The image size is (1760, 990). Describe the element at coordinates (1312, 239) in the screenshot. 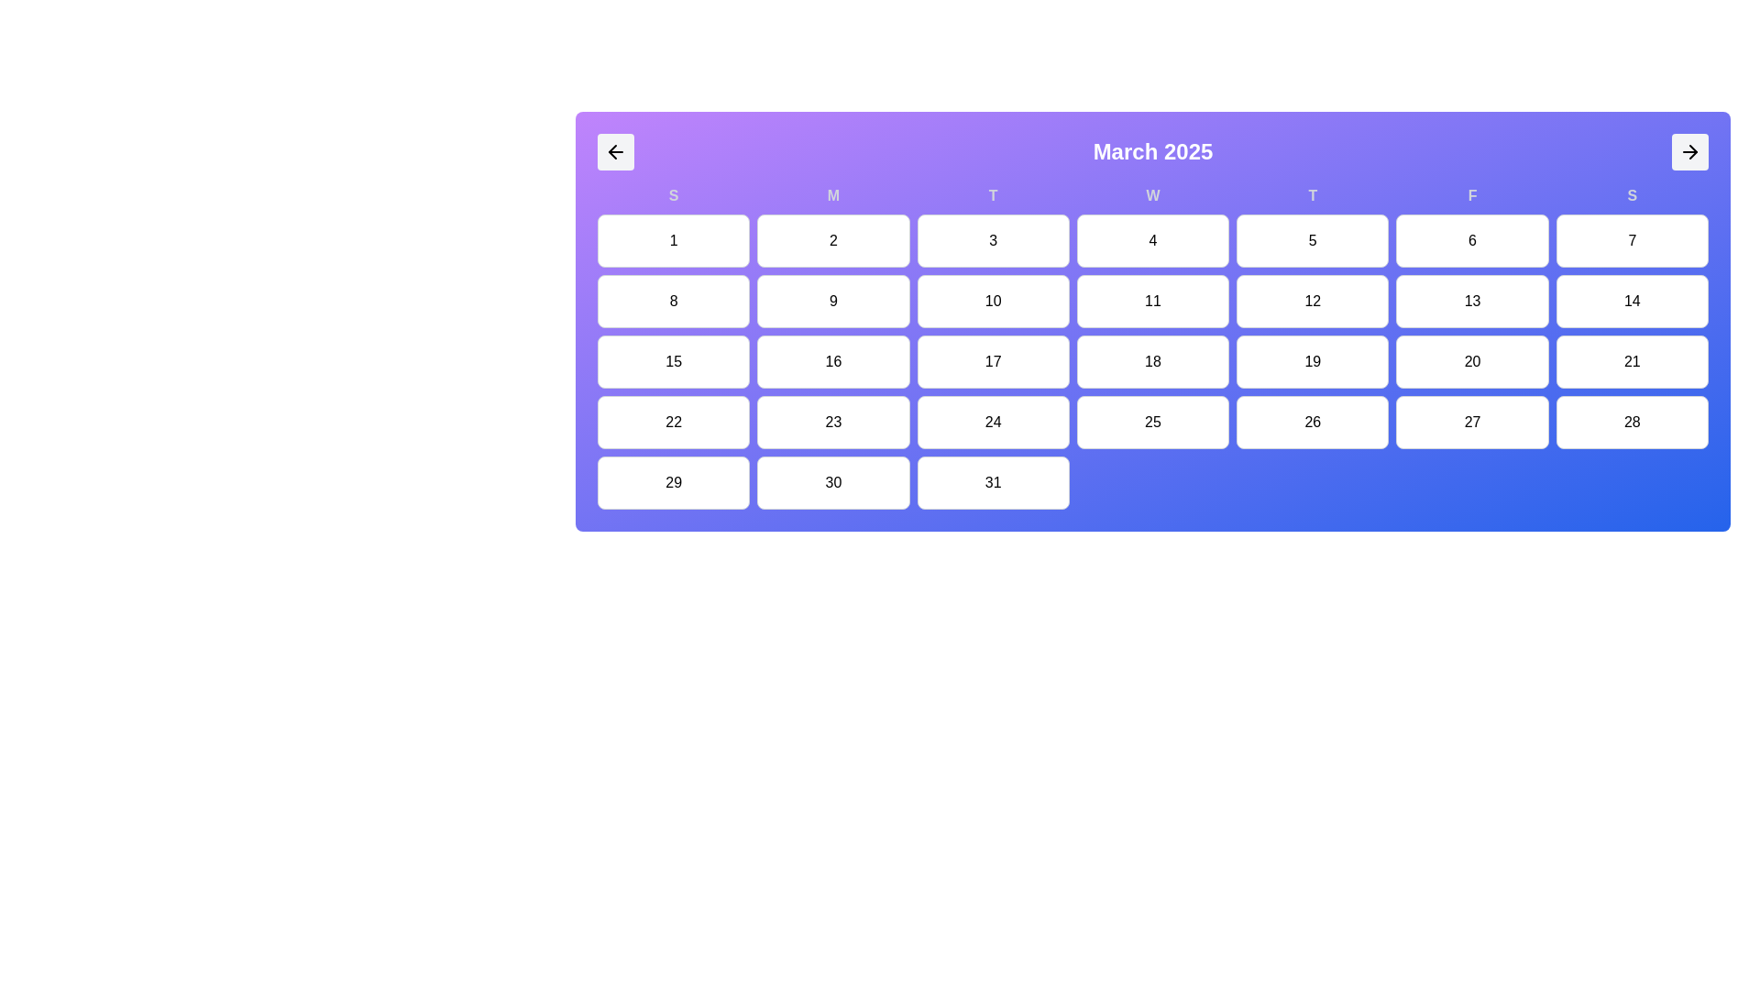

I see `the button-like calendar date item displaying the number '5'` at that location.